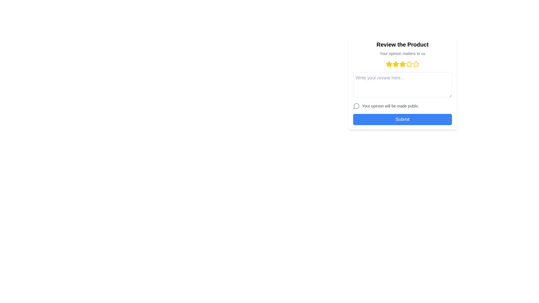 This screenshot has width=539, height=303. What do you see at coordinates (396, 64) in the screenshot?
I see `the second star icon in the rating system` at bounding box center [396, 64].